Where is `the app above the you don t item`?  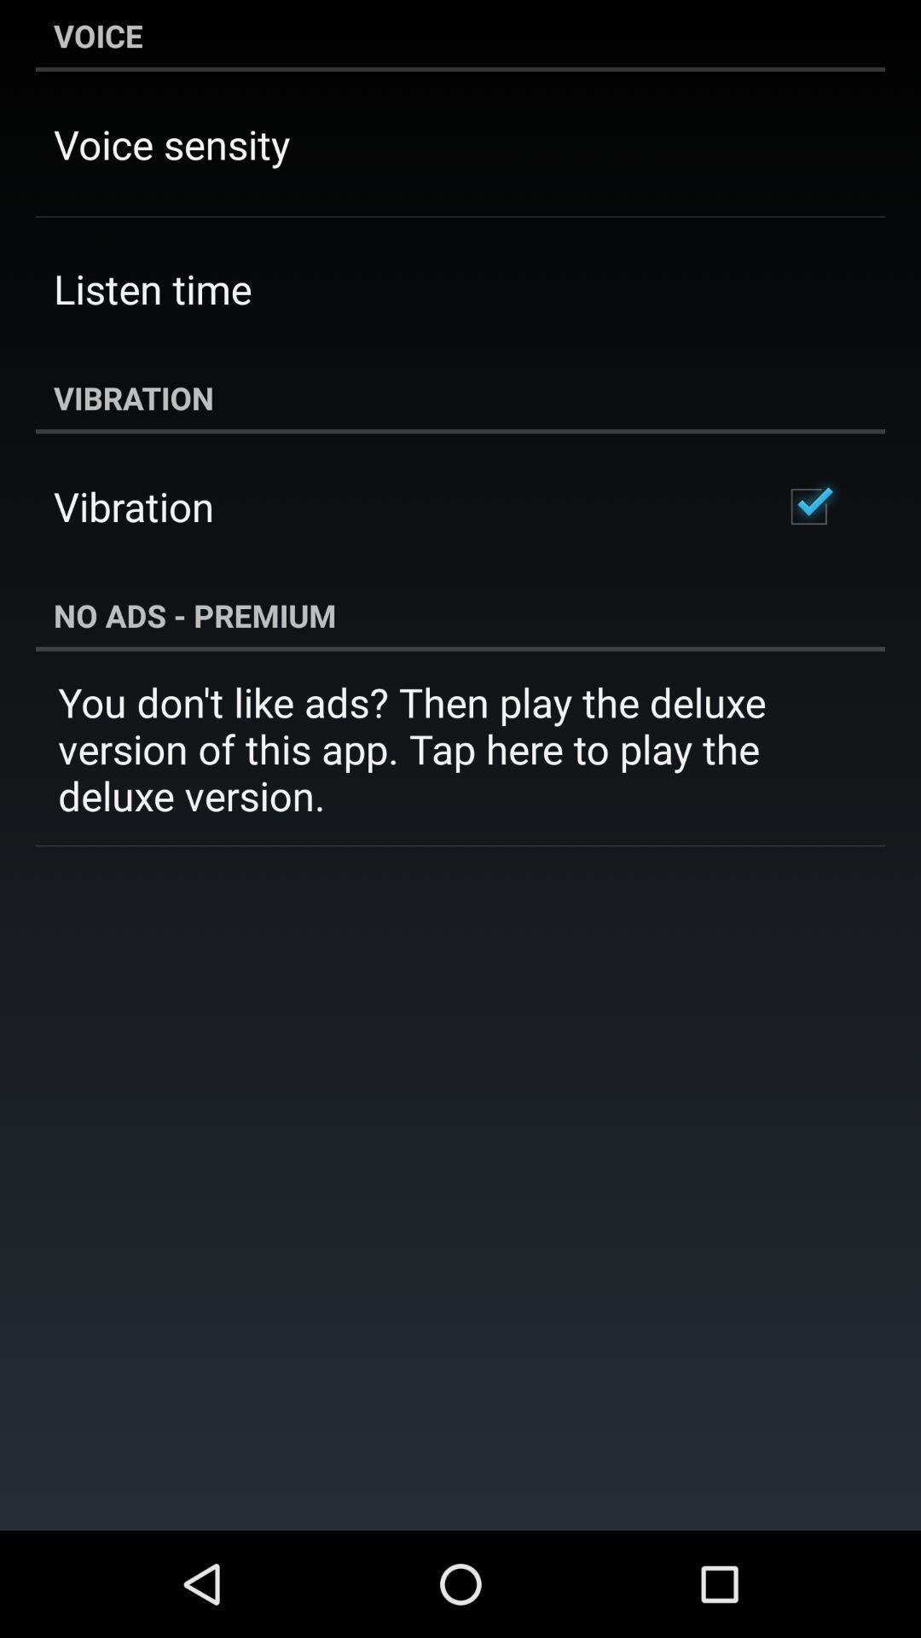
the app above the you don t item is located at coordinates (460, 614).